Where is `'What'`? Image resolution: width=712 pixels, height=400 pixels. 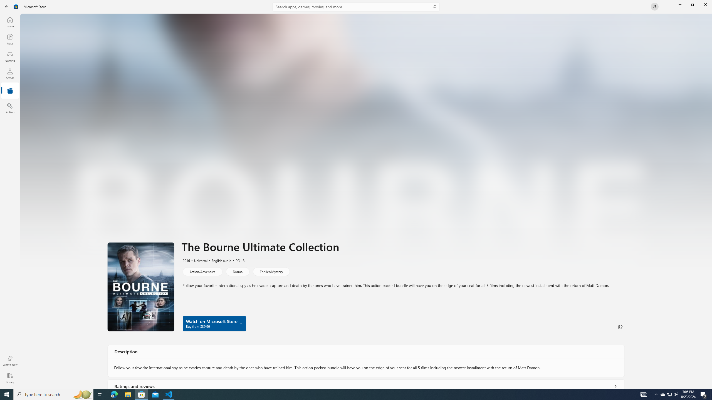
'What' is located at coordinates (9, 361).